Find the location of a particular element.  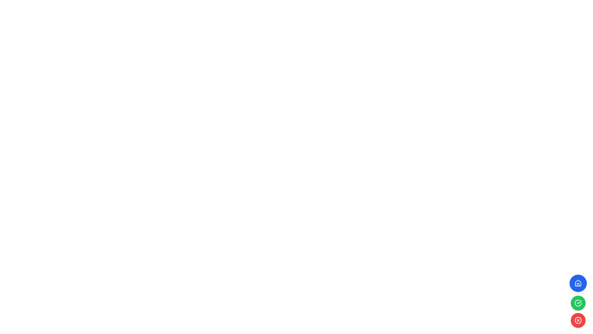

the iconic button with a green background and white check mark to mark the associated task as done is located at coordinates (578, 302).